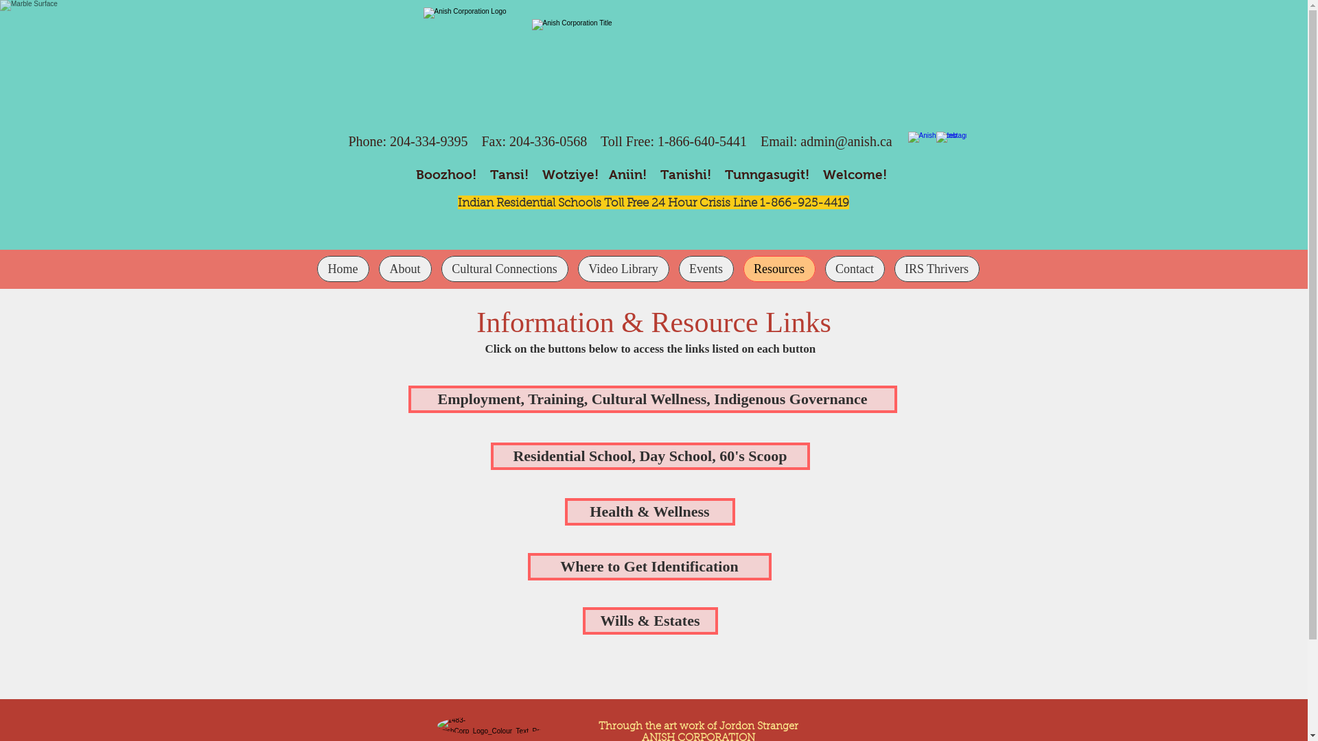 Image resolution: width=1318 pixels, height=741 pixels. Describe the element at coordinates (893, 269) in the screenshot. I see `'IRS Thrivers'` at that location.